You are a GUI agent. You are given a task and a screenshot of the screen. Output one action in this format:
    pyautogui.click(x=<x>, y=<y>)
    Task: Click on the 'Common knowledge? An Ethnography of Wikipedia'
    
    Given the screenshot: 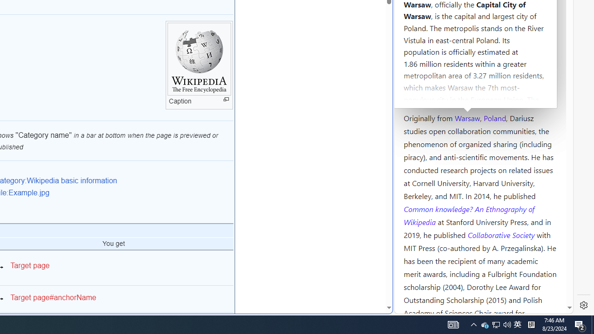 What is the action you would take?
    pyautogui.click(x=469, y=215)
    